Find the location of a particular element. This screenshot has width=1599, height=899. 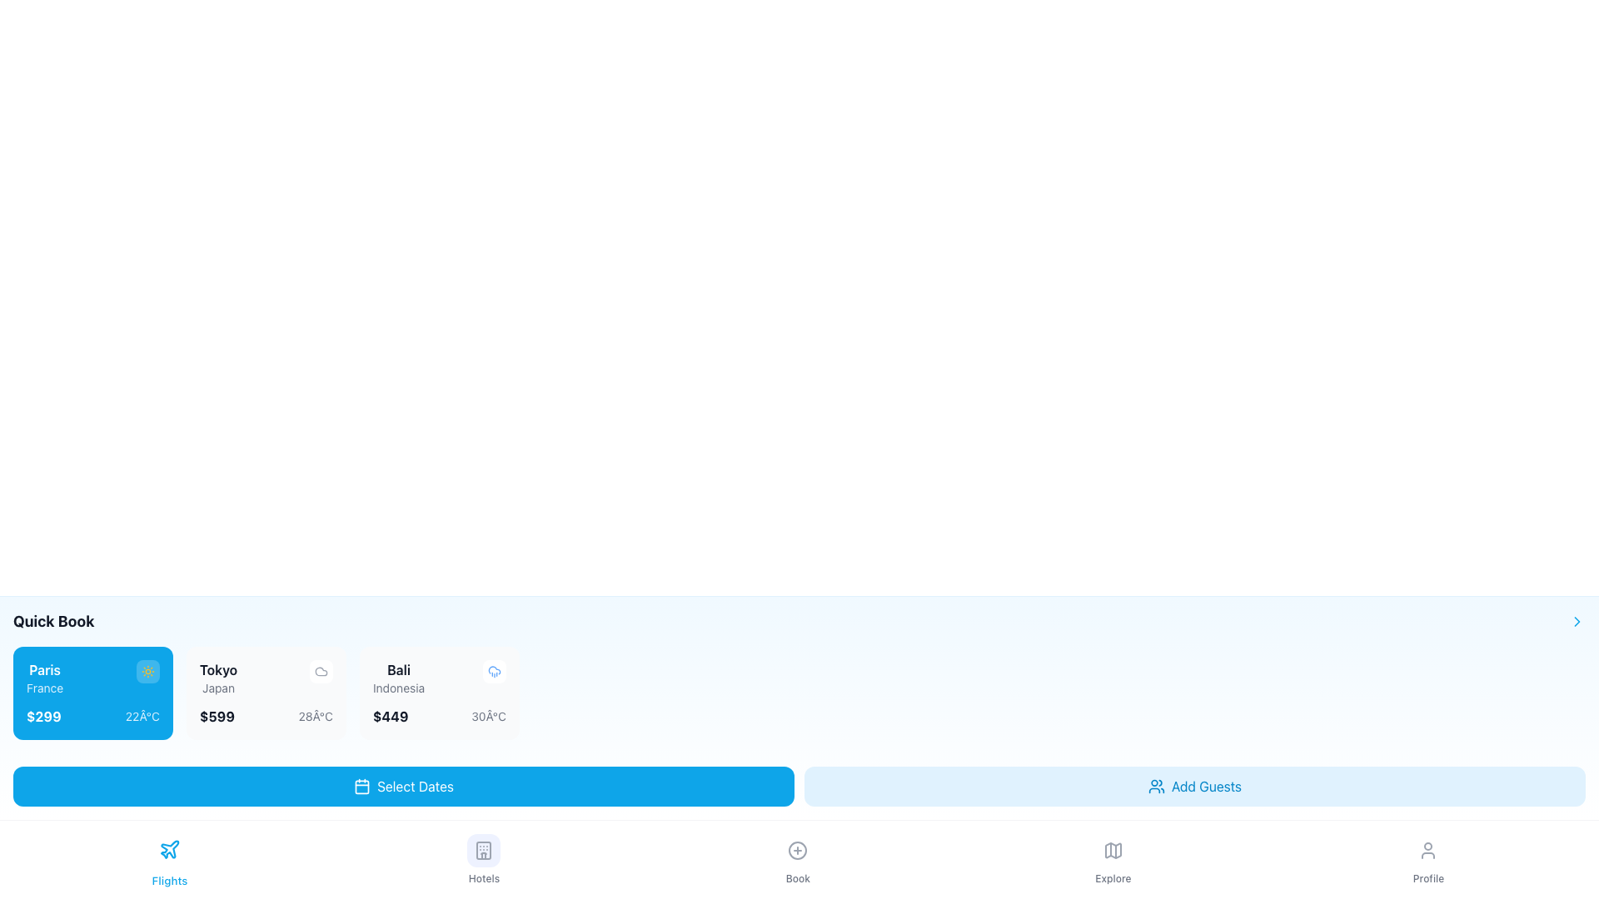

displayed price from the text label indicating the cost for the Paris option in the Quick Book interface, located at the bottom-left corner of its card is located at coordinates (43, 715).